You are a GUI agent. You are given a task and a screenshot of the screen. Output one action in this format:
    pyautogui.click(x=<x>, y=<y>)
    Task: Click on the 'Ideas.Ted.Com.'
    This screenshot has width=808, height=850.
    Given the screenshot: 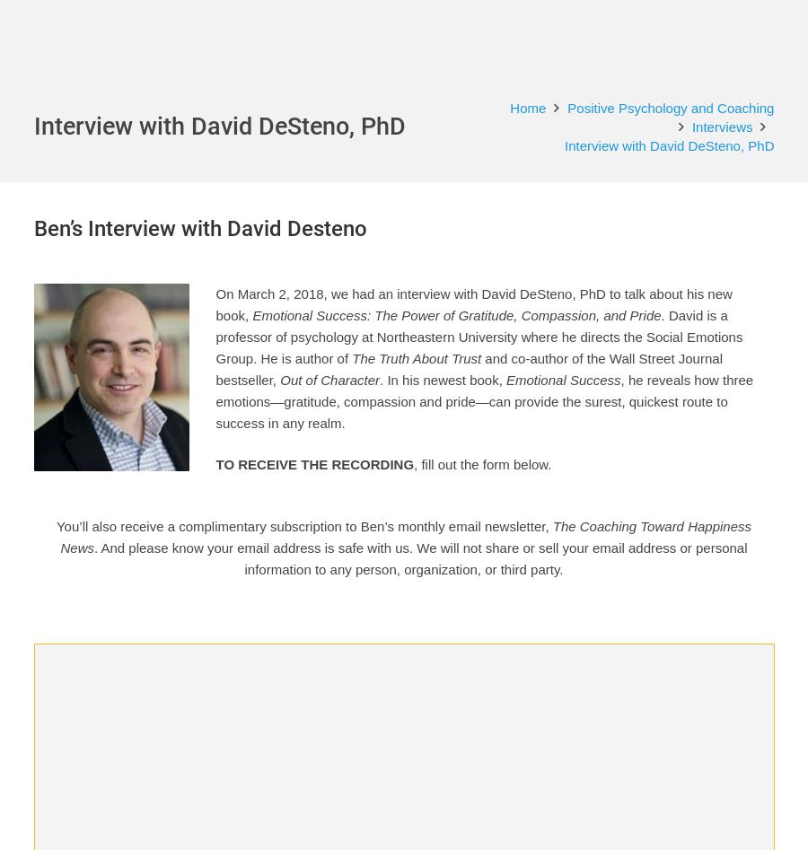 What is the action you would take?
    pyautogui.click(x=464, y=579)
    